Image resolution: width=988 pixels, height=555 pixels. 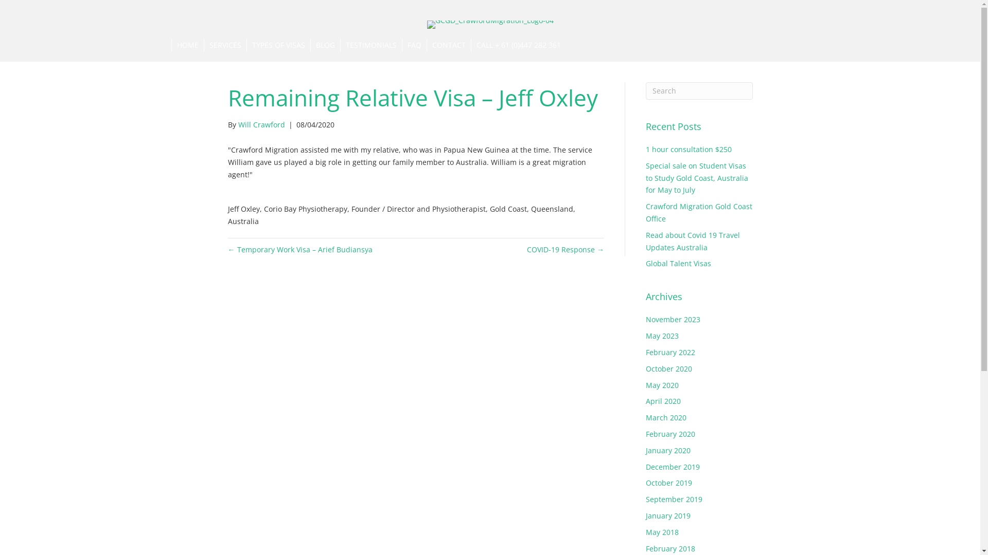 I want to click on 'February 2018', so click(x=670, y=548).